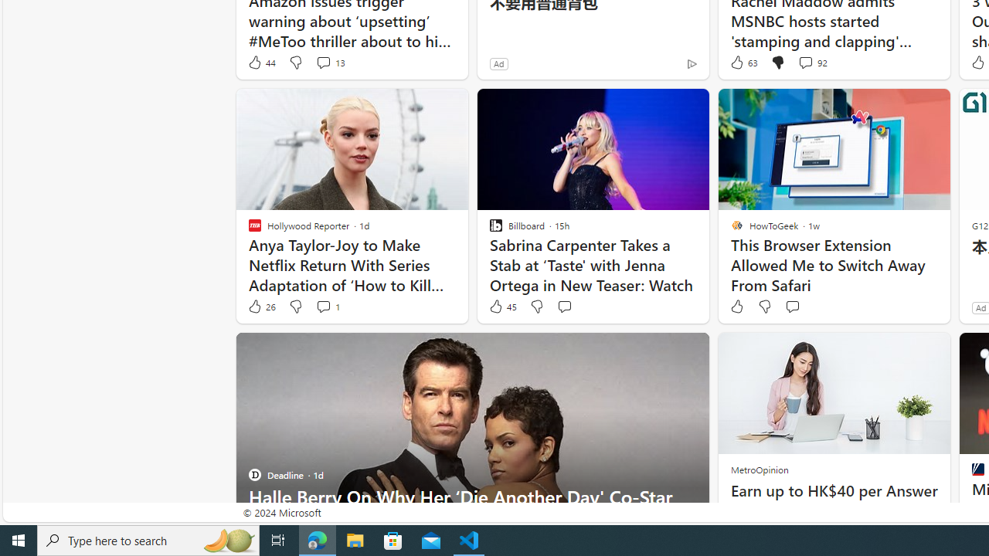 The height and width of the screenshot is (556, 989). Describe the element at coordinates (260, 62) in the screenshot. I see `'44 Like'` at that location.